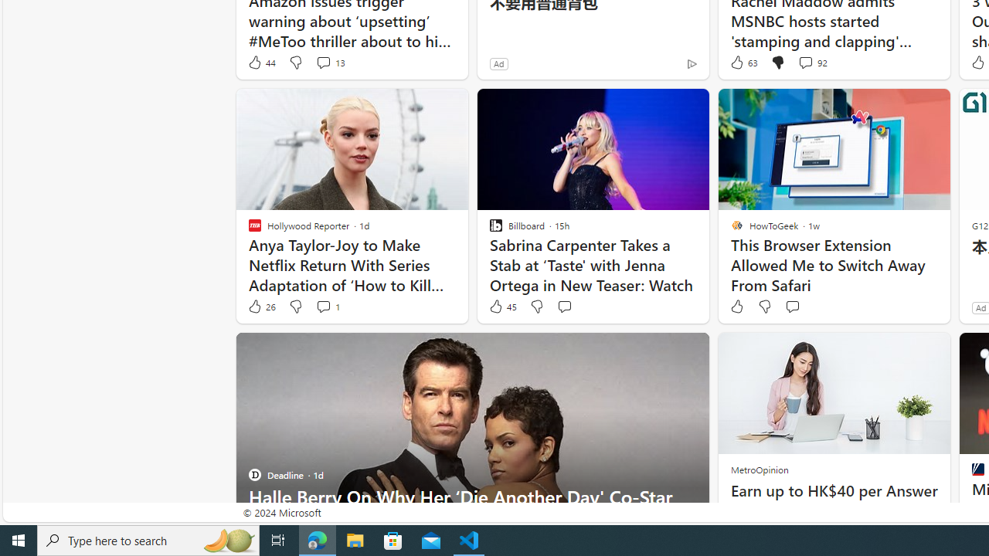 The height and width of the screenshot is (556, 989). Describe the element at coordinates (260, 62) in the screenshot. I see `'44 Like'` at that location.